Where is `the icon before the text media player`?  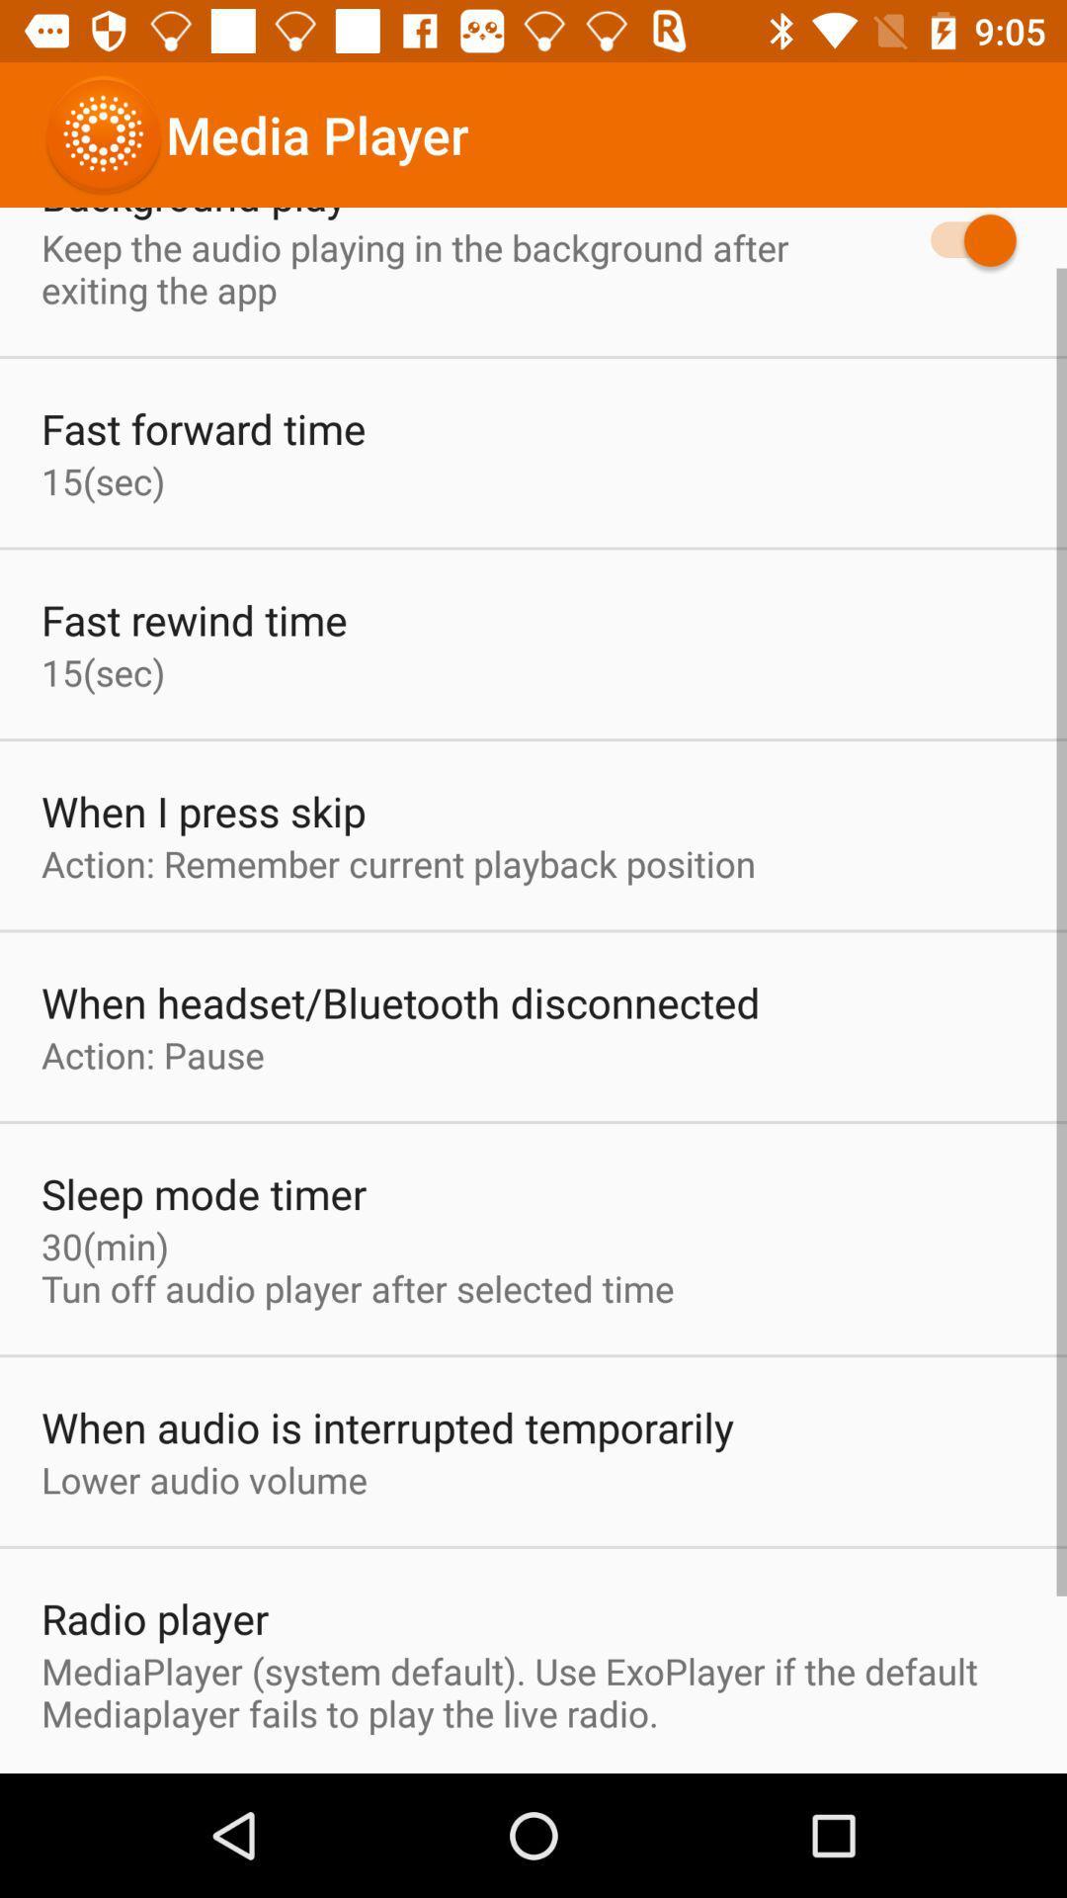 the icon before the text media player is located at coordinates (103, 134).